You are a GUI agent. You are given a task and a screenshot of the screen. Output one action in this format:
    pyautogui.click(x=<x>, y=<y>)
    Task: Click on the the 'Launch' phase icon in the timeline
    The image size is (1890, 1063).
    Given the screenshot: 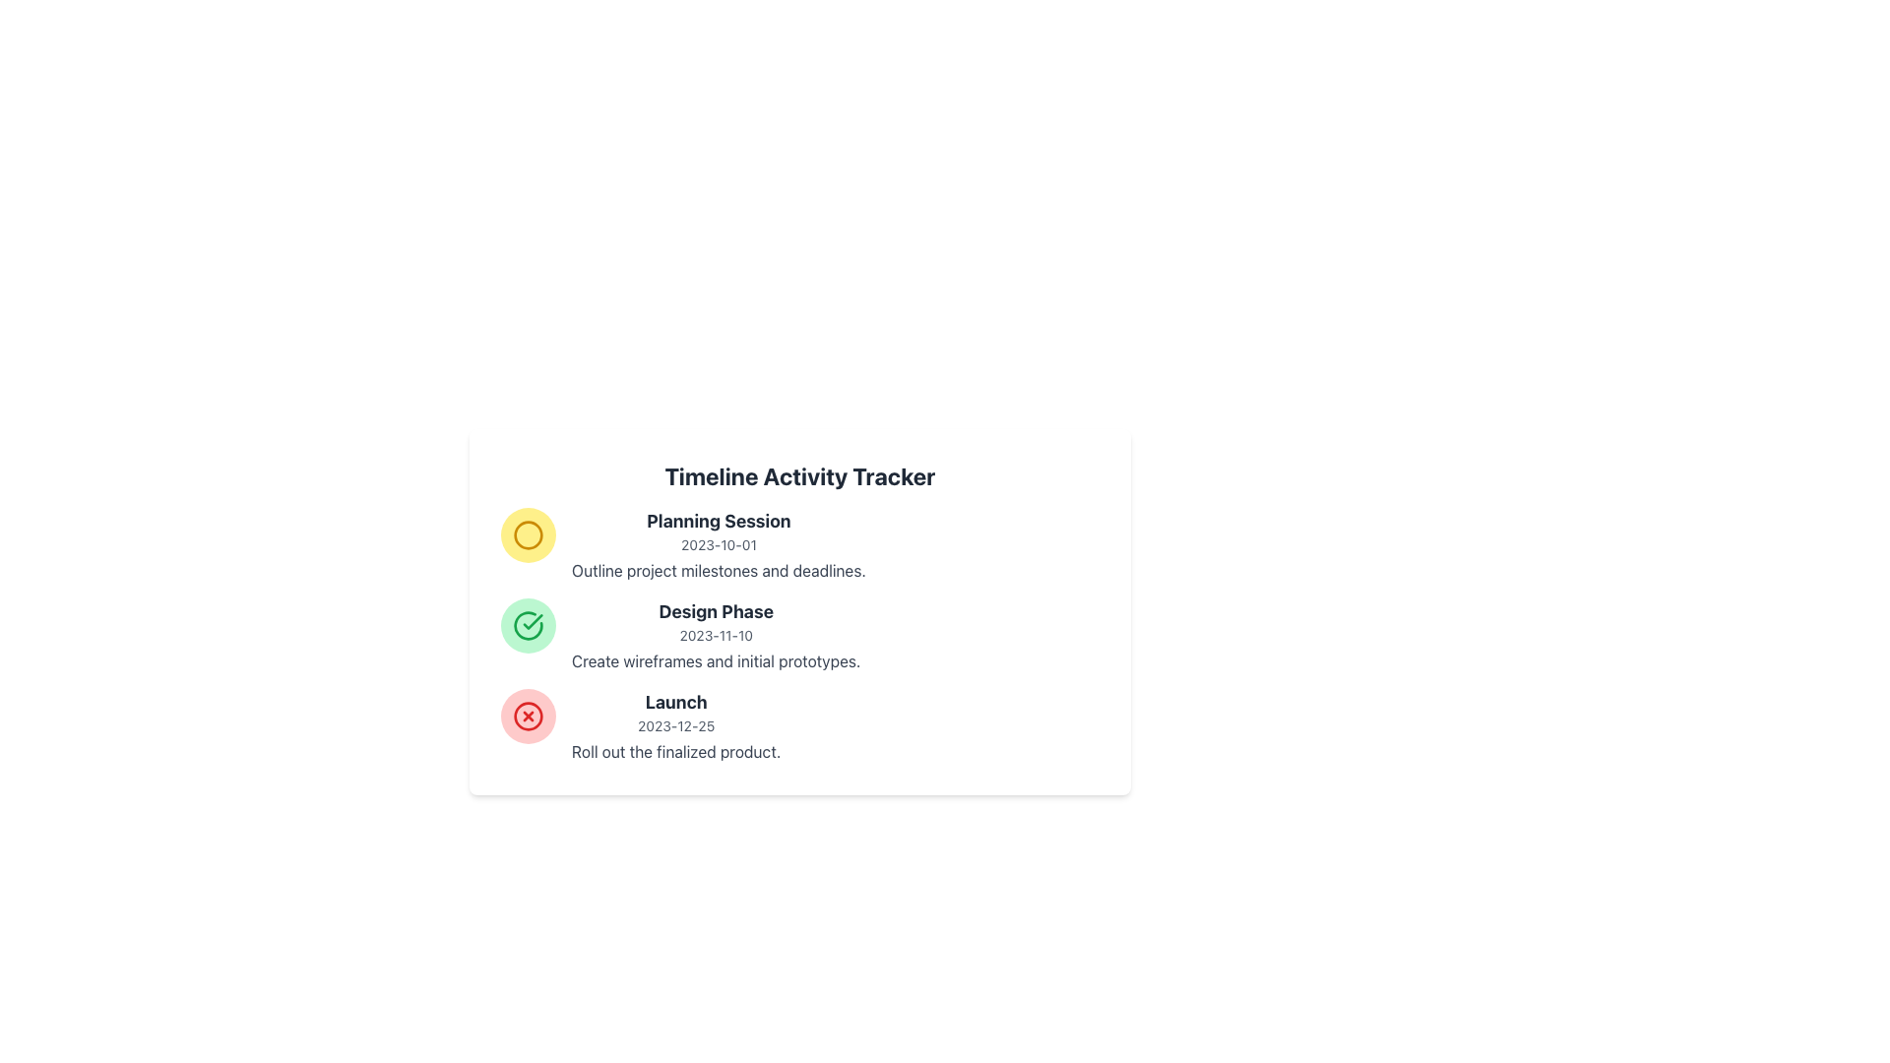 What is the action you would take?
    pyautogui.click(x=529, y=717)
    